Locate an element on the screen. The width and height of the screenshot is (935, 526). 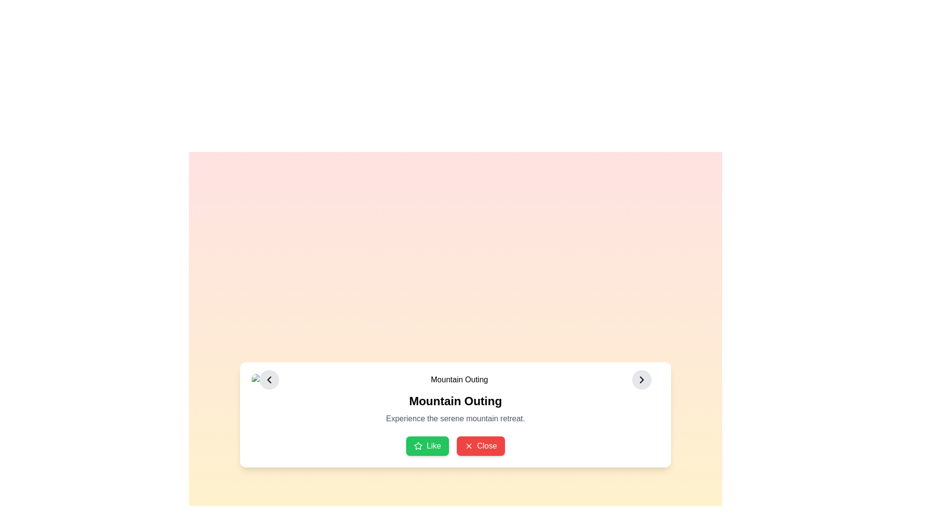
the navigation icon located at the top right corner of the rectangular card interface within the circular button is located at coordinates (642, 379).